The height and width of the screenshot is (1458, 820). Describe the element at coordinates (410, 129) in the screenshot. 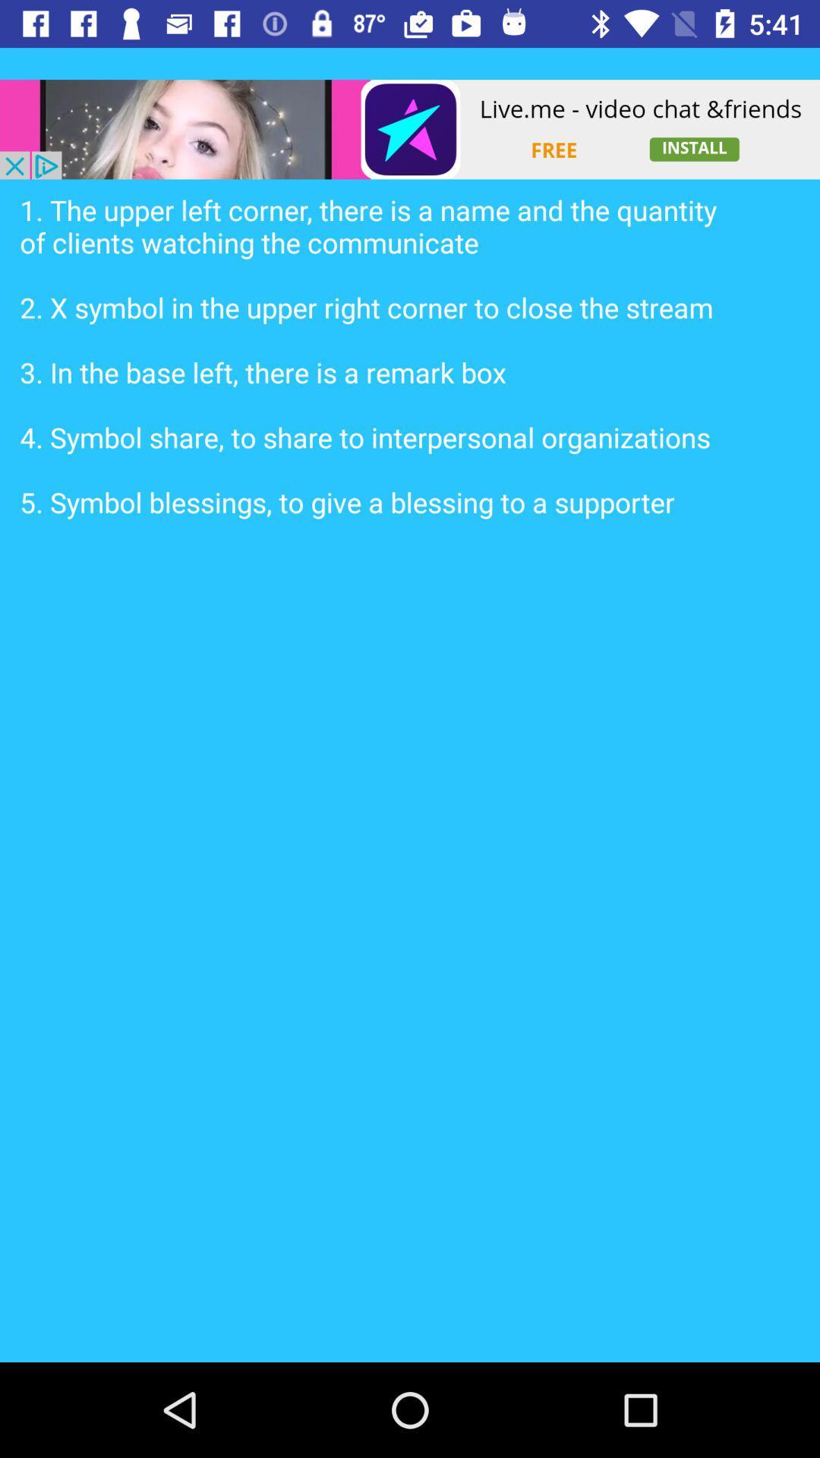

I see `open advertisement` at that location.